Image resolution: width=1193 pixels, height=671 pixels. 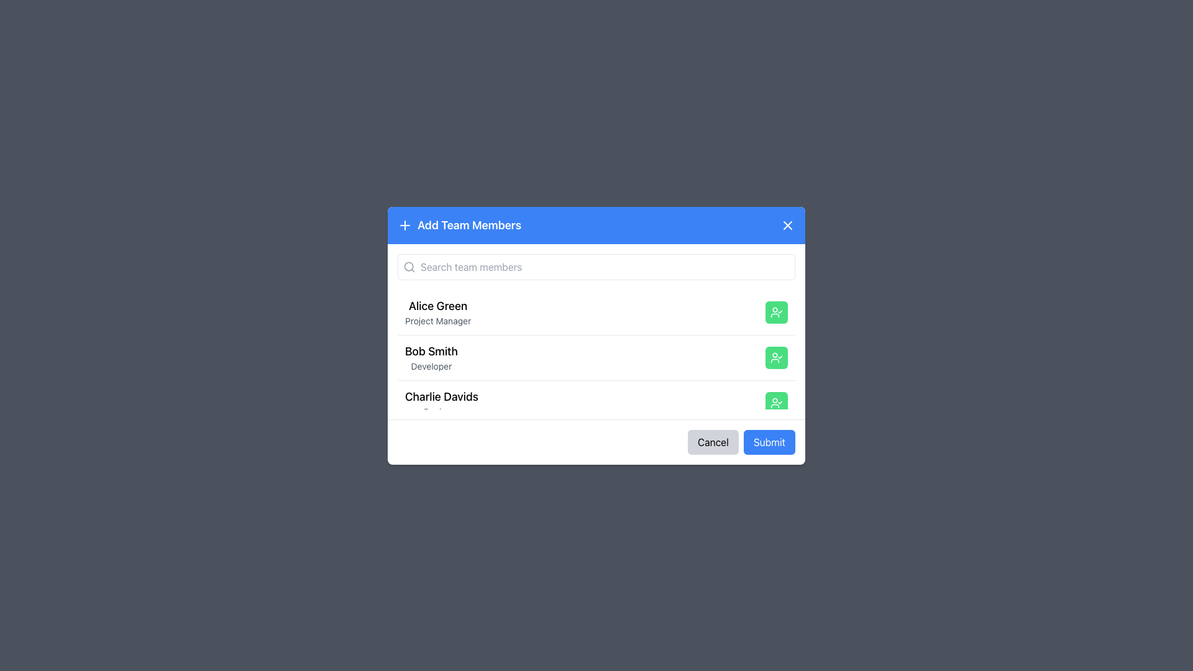 I want to click on the add icon located at the top-left corner of the modal dialog header, immediately to the left of the text 'Add Team Members', so click(x=405, y=225).